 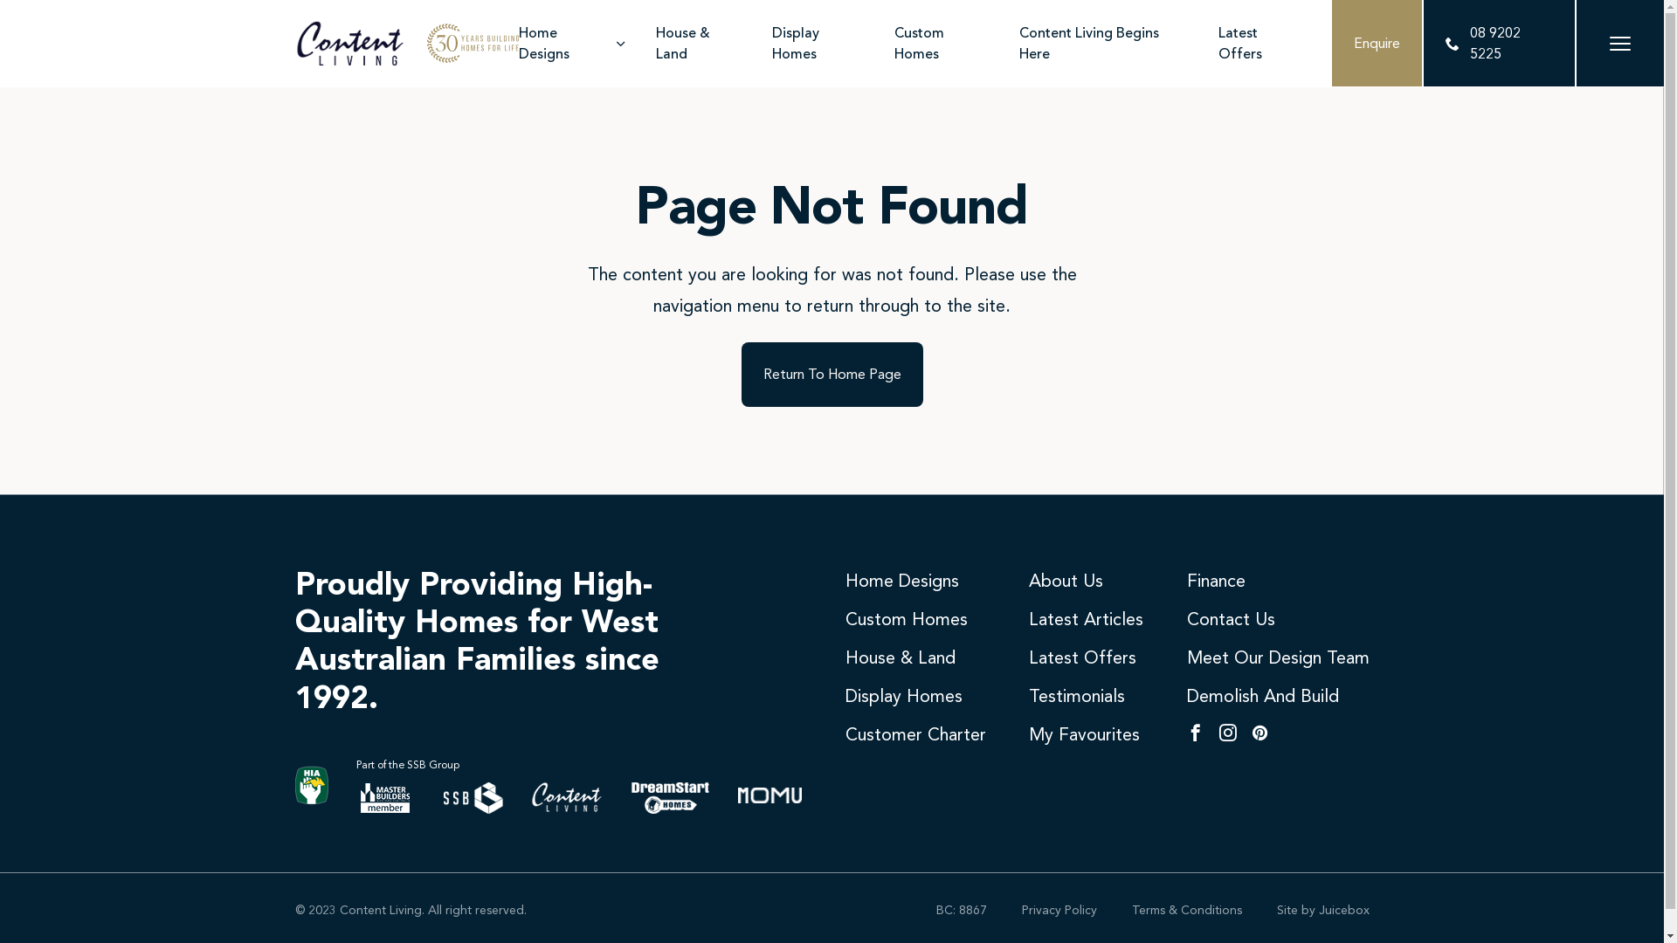 I want to click on 'Display Homes', so click(x=818, y=43).